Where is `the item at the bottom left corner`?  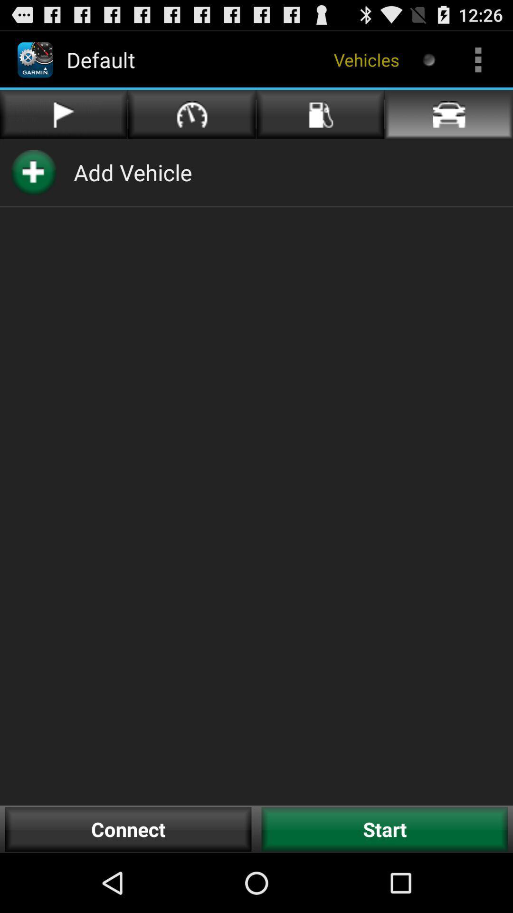
the item at the bottom left corner is located at coordinates (128, 829).